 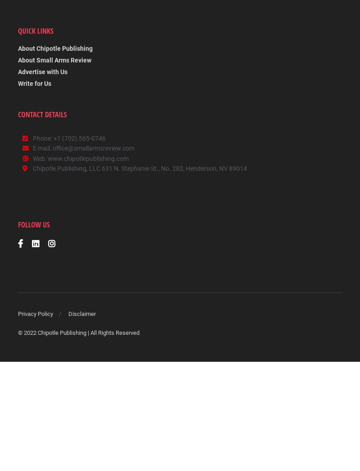 I want to click on 'Privacy Policy', so click(x=18, y=314).